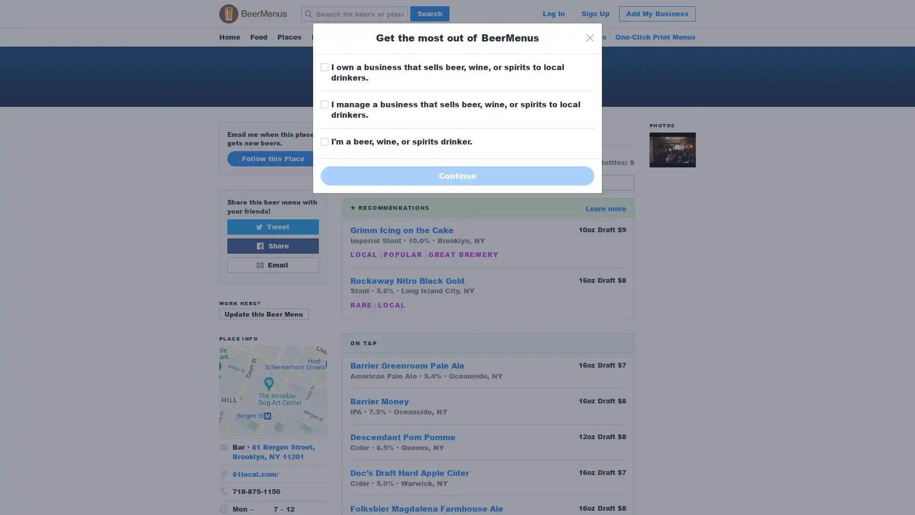 The image size is (915, 515). I want to click on Follow this Place, so click(272, 158).